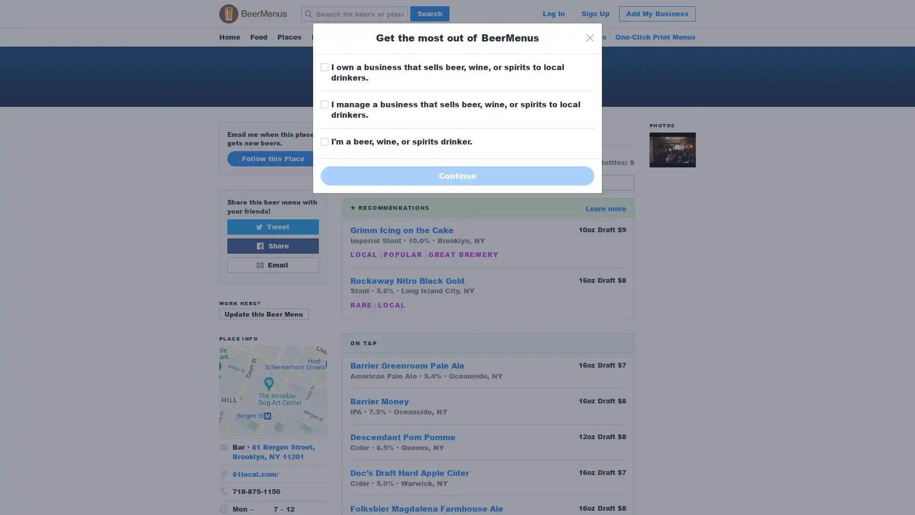 The image size is (915, 515). I want to click on Follow this Place, so click(272, 158).